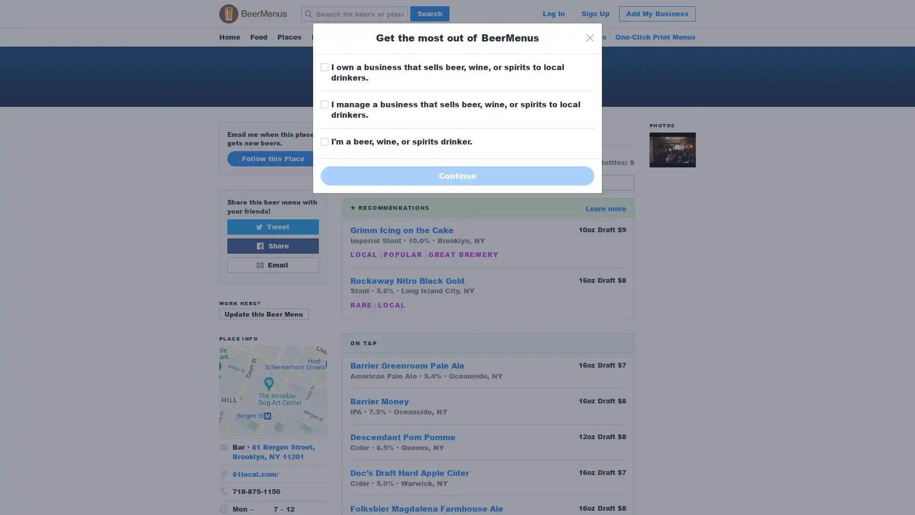 The image size is (915, 515). I want to click on Follow this Place, so click(272, 158).